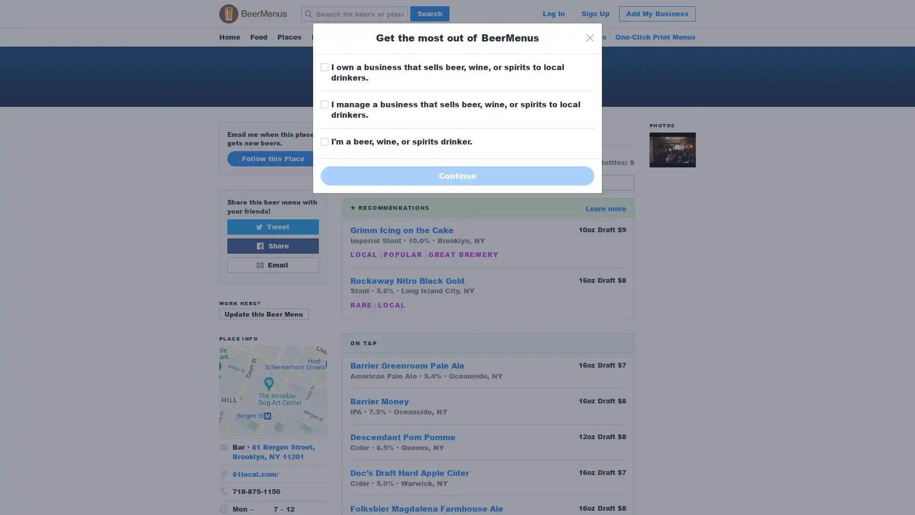 The image size is (915, 515). I want to click on Follow this Place, so click(272, 158).